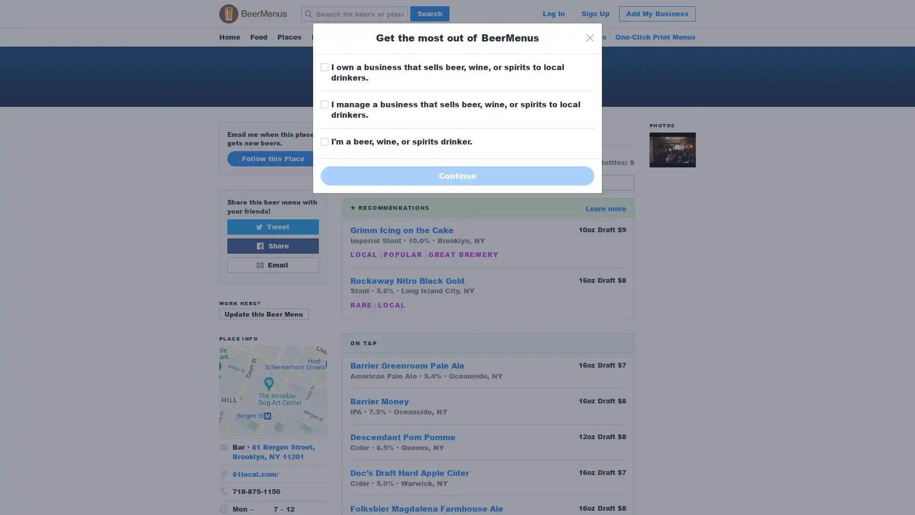 The image size is (915, 515). I want to click on Follow this Place, so click(272, 158).